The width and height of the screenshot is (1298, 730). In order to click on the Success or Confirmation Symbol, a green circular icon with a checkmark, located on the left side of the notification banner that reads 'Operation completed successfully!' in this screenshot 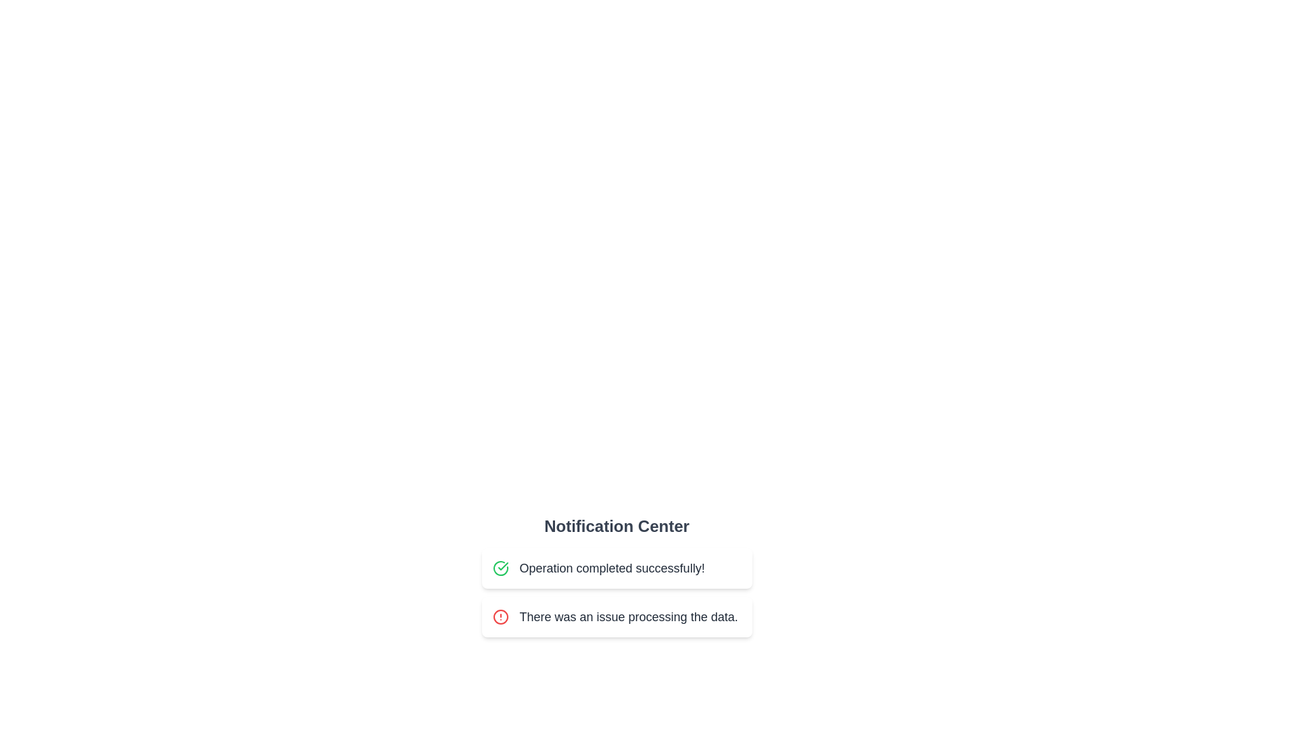, I will do `click(500, 568)`.